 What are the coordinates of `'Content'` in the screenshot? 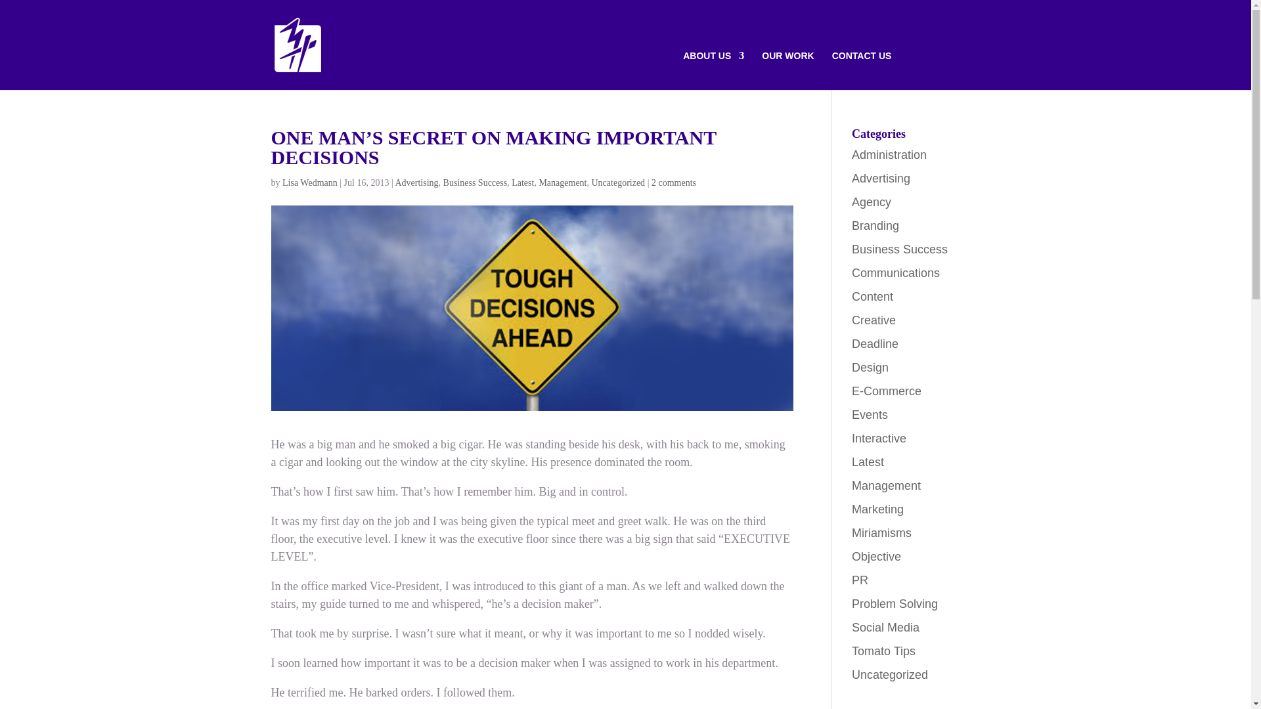 It's located at (872, 297).